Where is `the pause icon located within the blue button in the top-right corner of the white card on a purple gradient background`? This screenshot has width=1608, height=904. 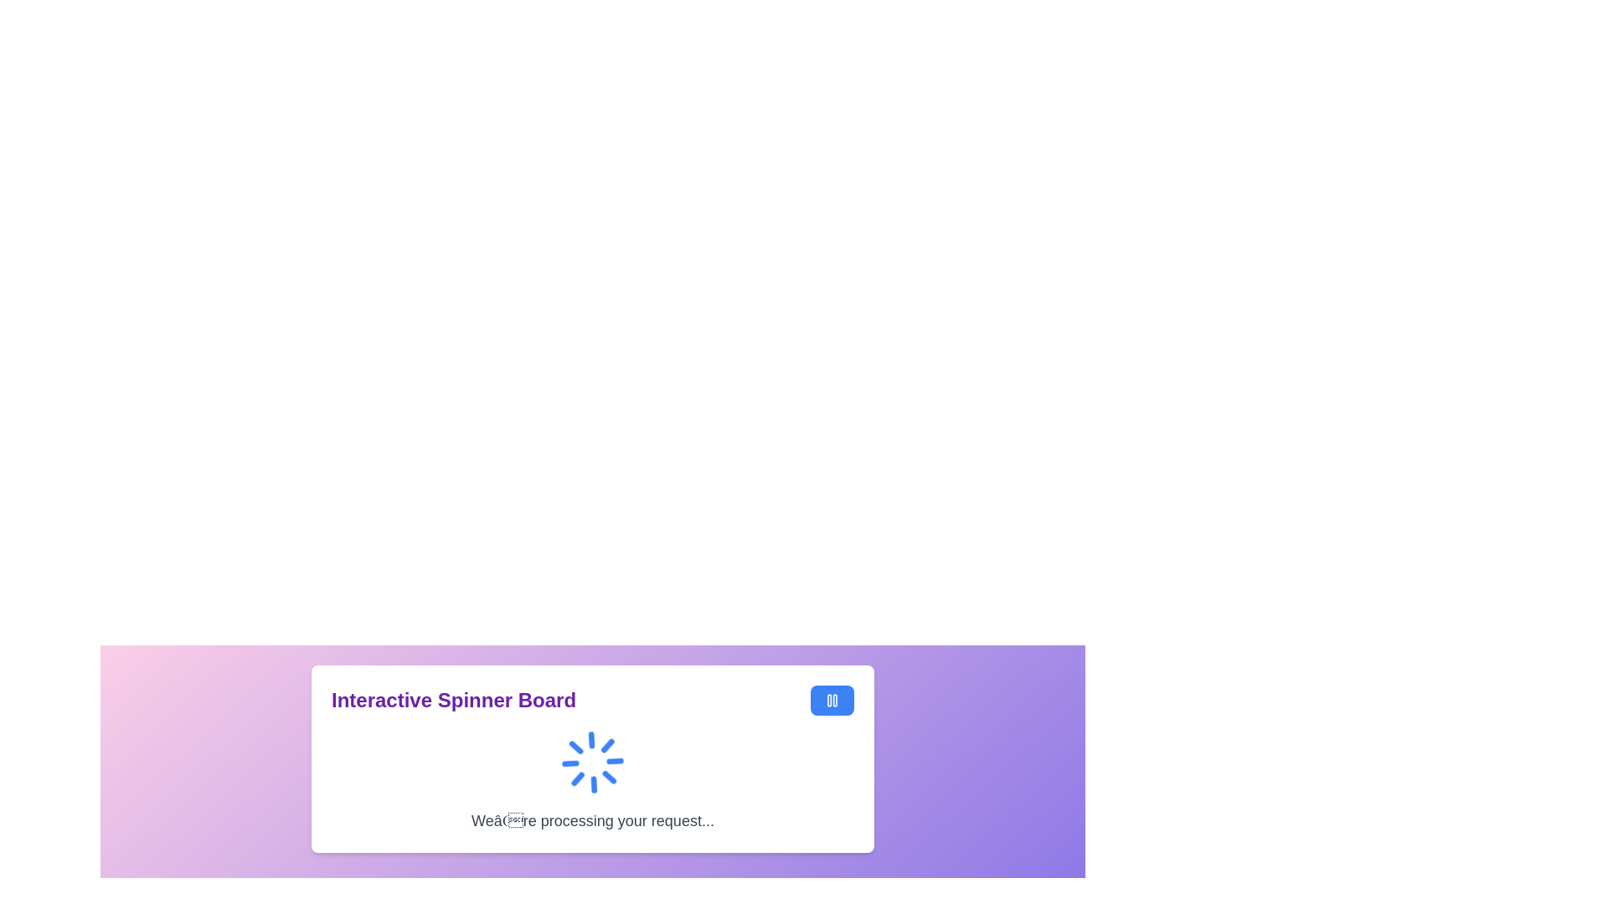
the pause icon located within the blue button in the top-right corner of the white card on a purple gradient background is located at coordinates (832, 701).